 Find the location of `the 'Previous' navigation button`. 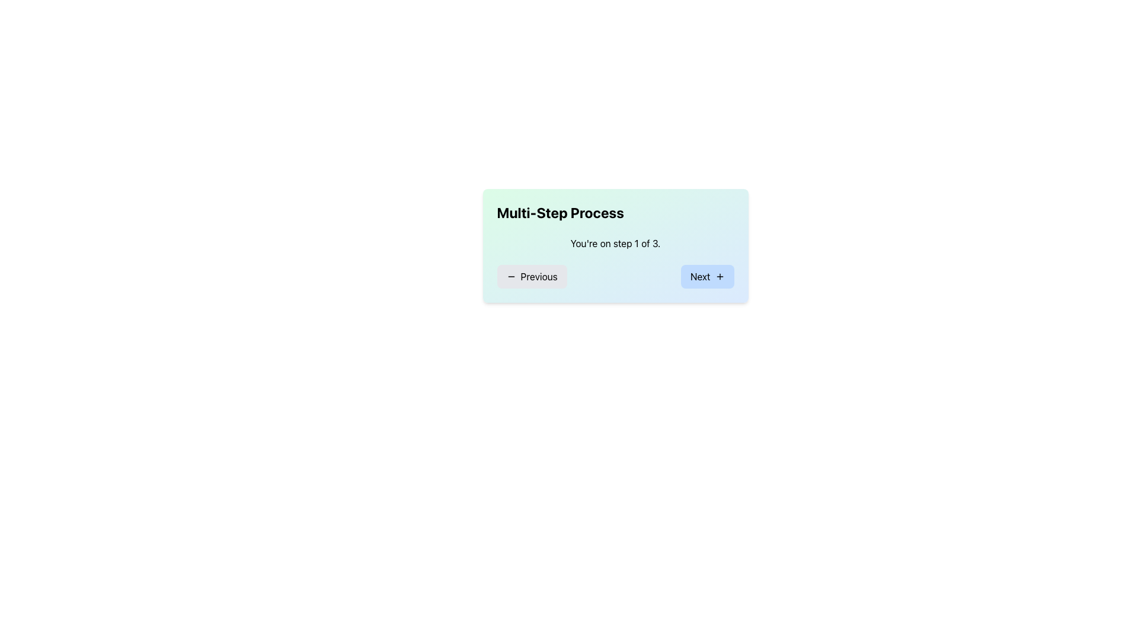

the 'Previous' navigation button is located at coordinates (531, 276).